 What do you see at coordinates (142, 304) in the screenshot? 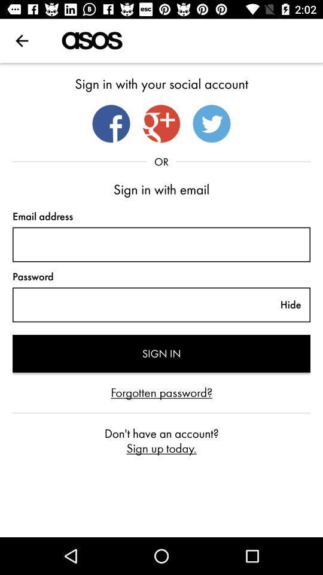
I see `description` at bounding box center [142, 304].